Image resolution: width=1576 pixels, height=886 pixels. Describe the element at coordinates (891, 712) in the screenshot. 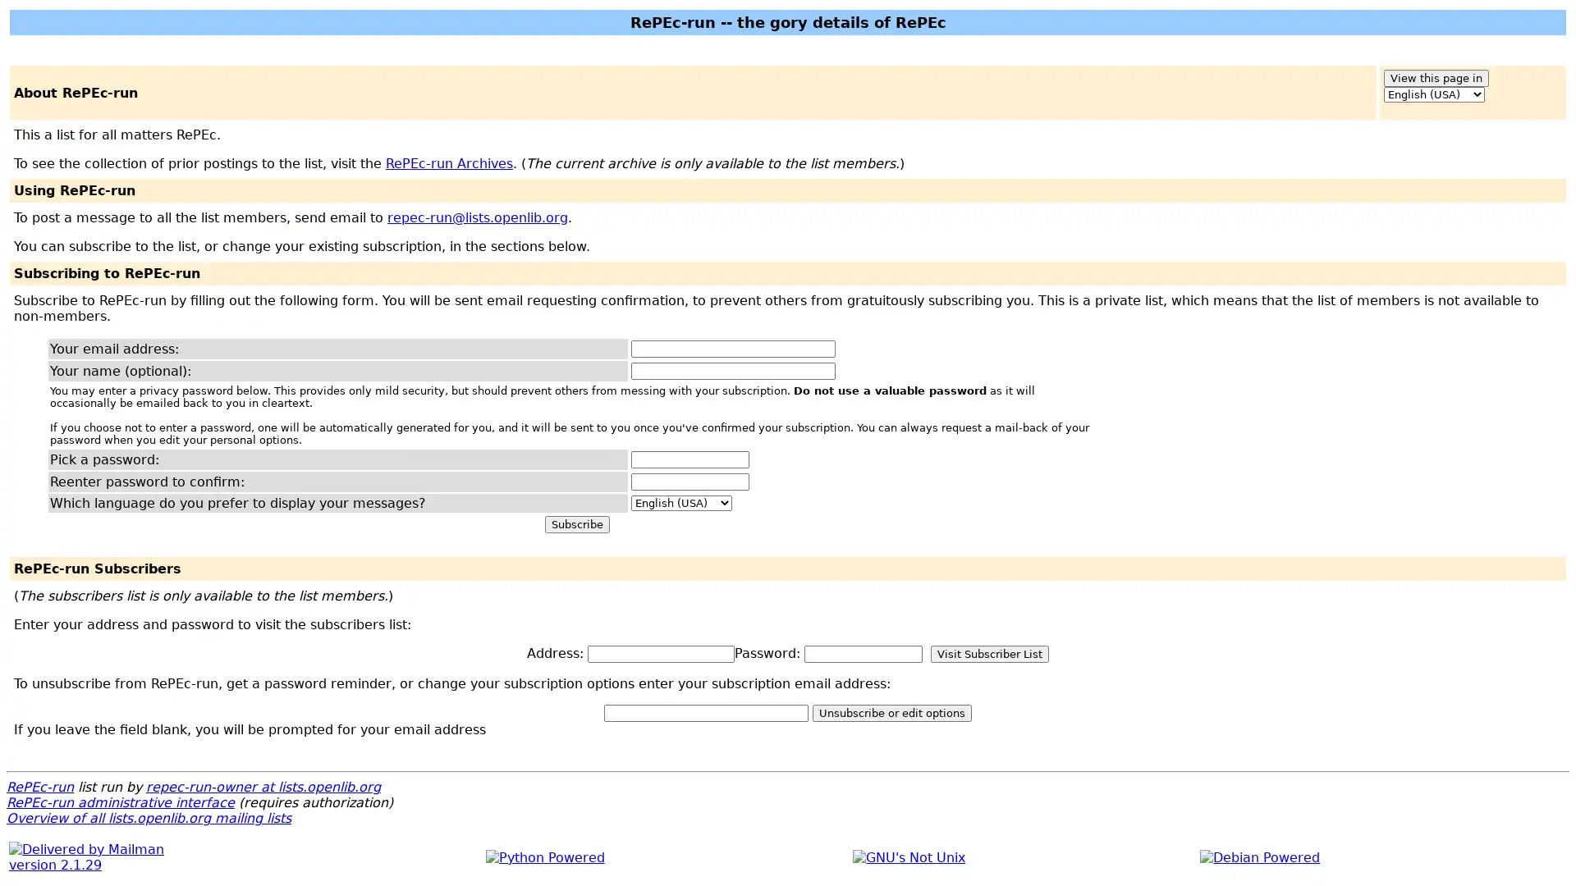

I see `Unsubscribe or edit options` at that location.